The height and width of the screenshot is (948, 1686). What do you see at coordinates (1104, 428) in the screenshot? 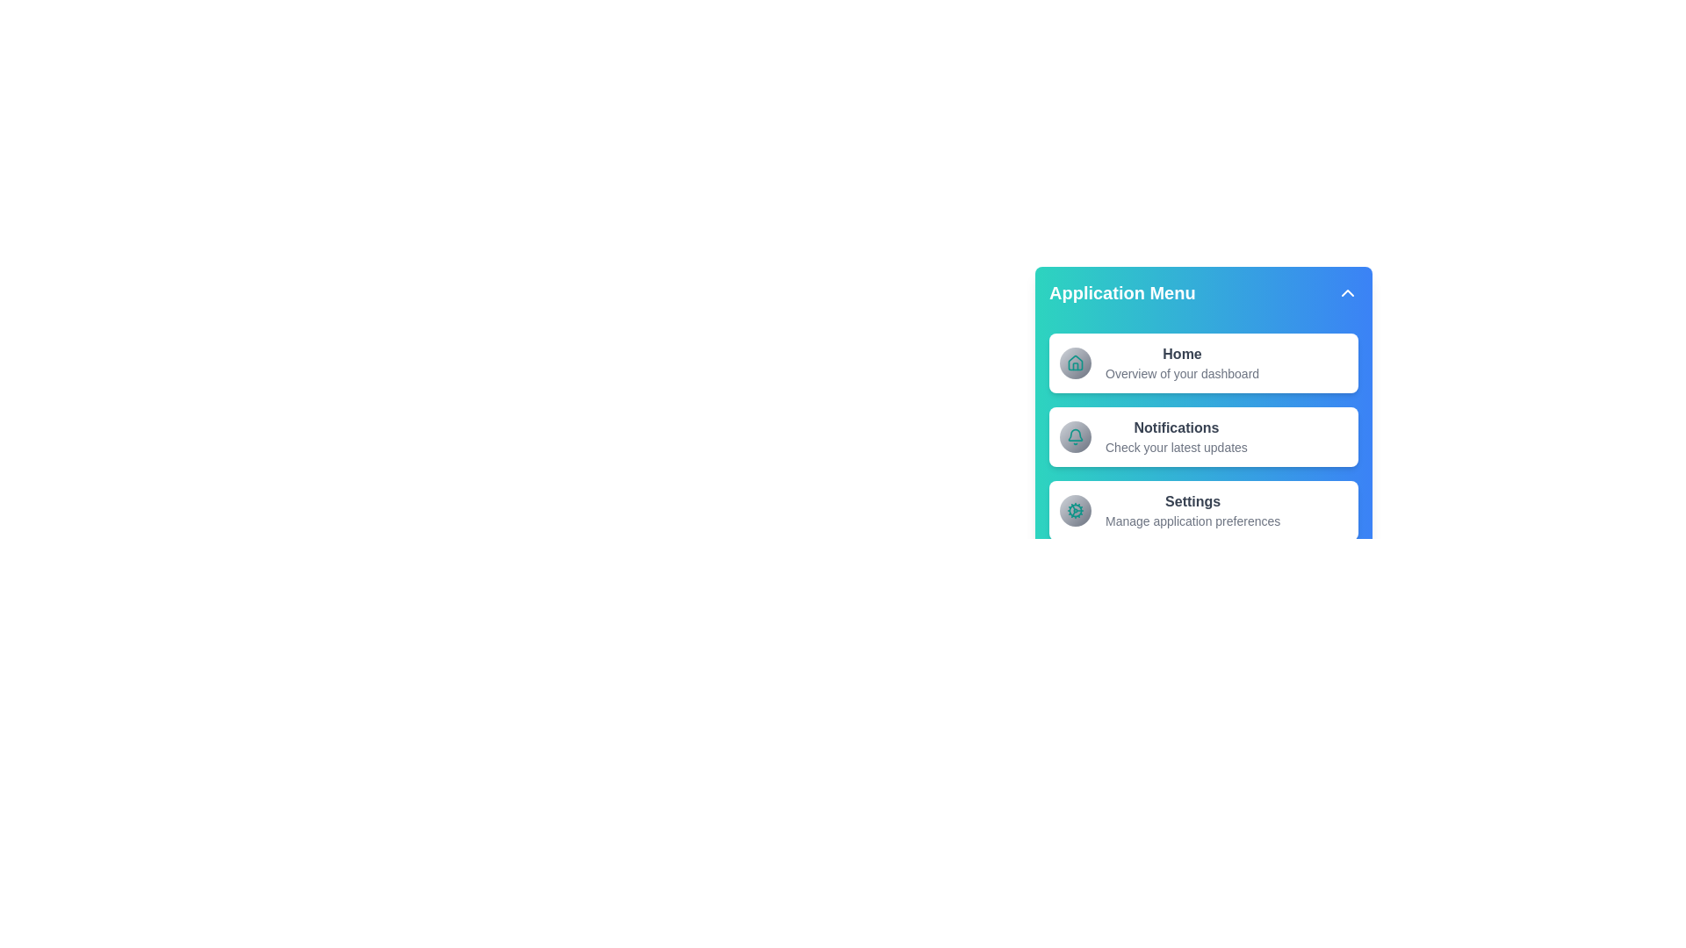
I see `the menu item Notifications and read its description` at bounding box center [1104, 428].